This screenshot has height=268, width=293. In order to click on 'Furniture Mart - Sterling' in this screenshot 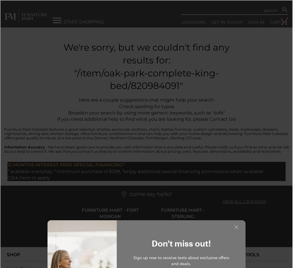, I will do `click(182, 213)`.